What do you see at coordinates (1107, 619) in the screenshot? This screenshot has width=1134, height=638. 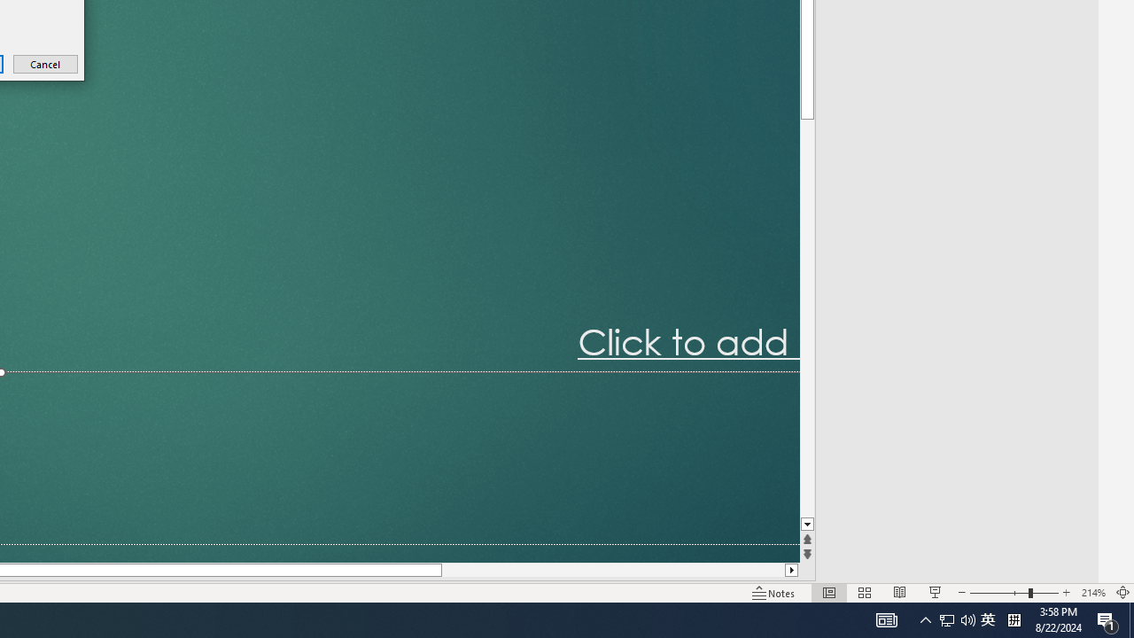 I see `'Action Center, 1 new notification'` at bounding box center [1107, 619].